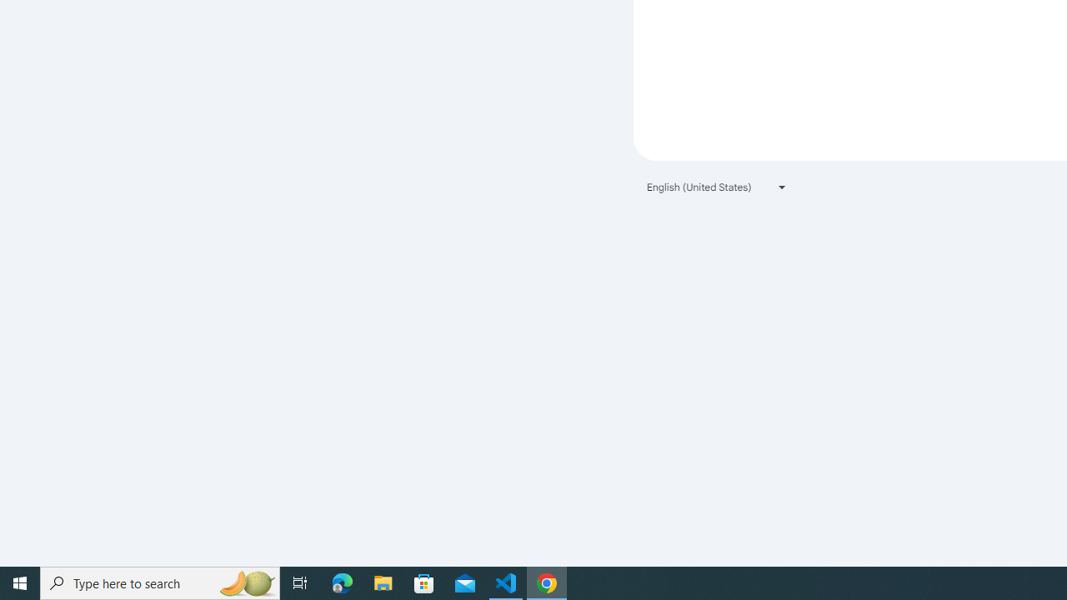 Image resolution: width=1067 pixels, height=600 pixels. I want to click on 'English (United States)', so click(717, 187).